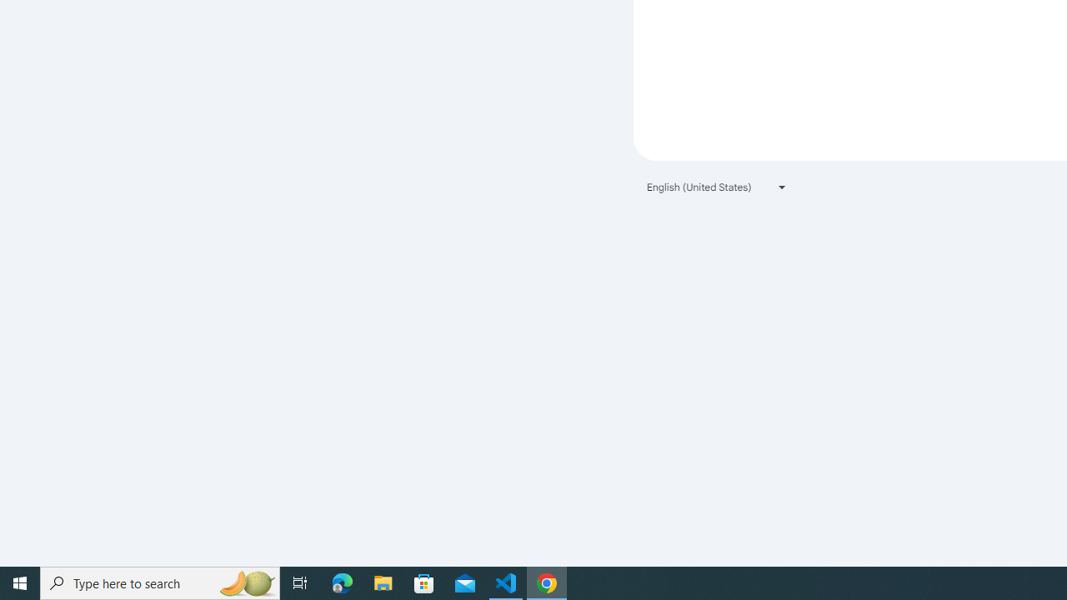 Image resolution: width=1067 pixels, height=600 pixels. I want to click on 'English (United States)', so click(717, 187).